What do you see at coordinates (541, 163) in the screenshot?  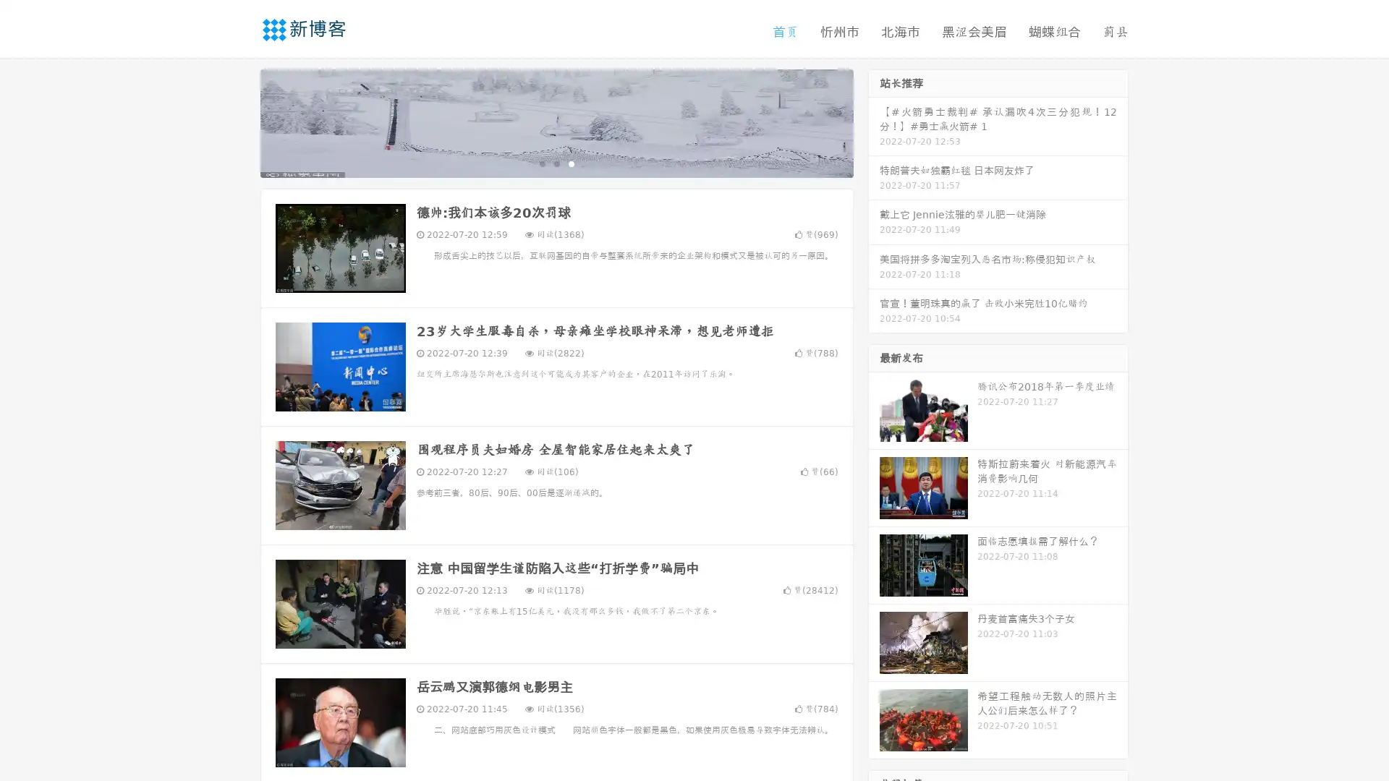 I see `Go to slide 1` at bounding box center [541, 163].